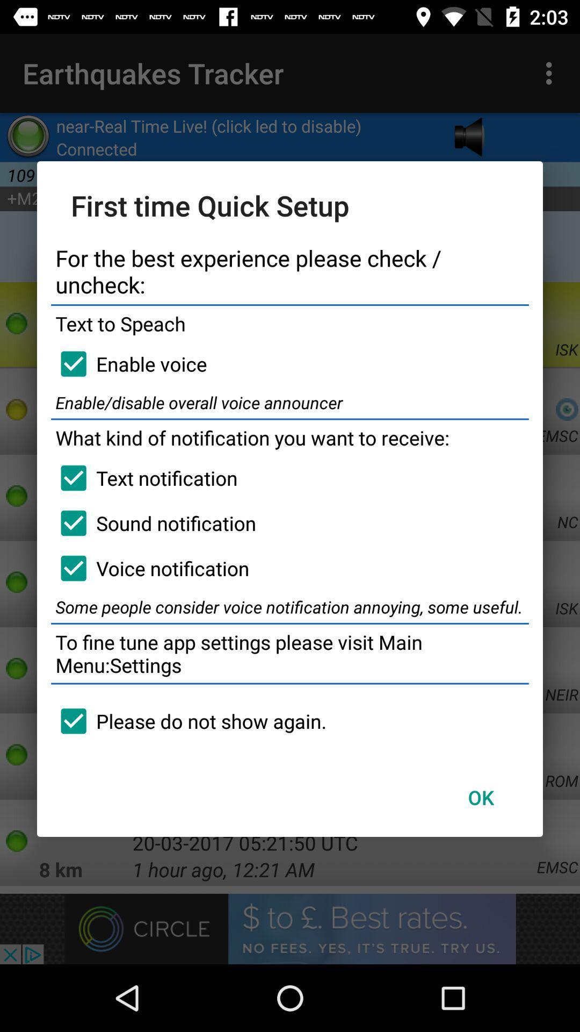 The image size is (580, 1032). Describe the element at coordinates (188, 721) in the screenshot. I see `please do not at the bottom left corner` at that location.